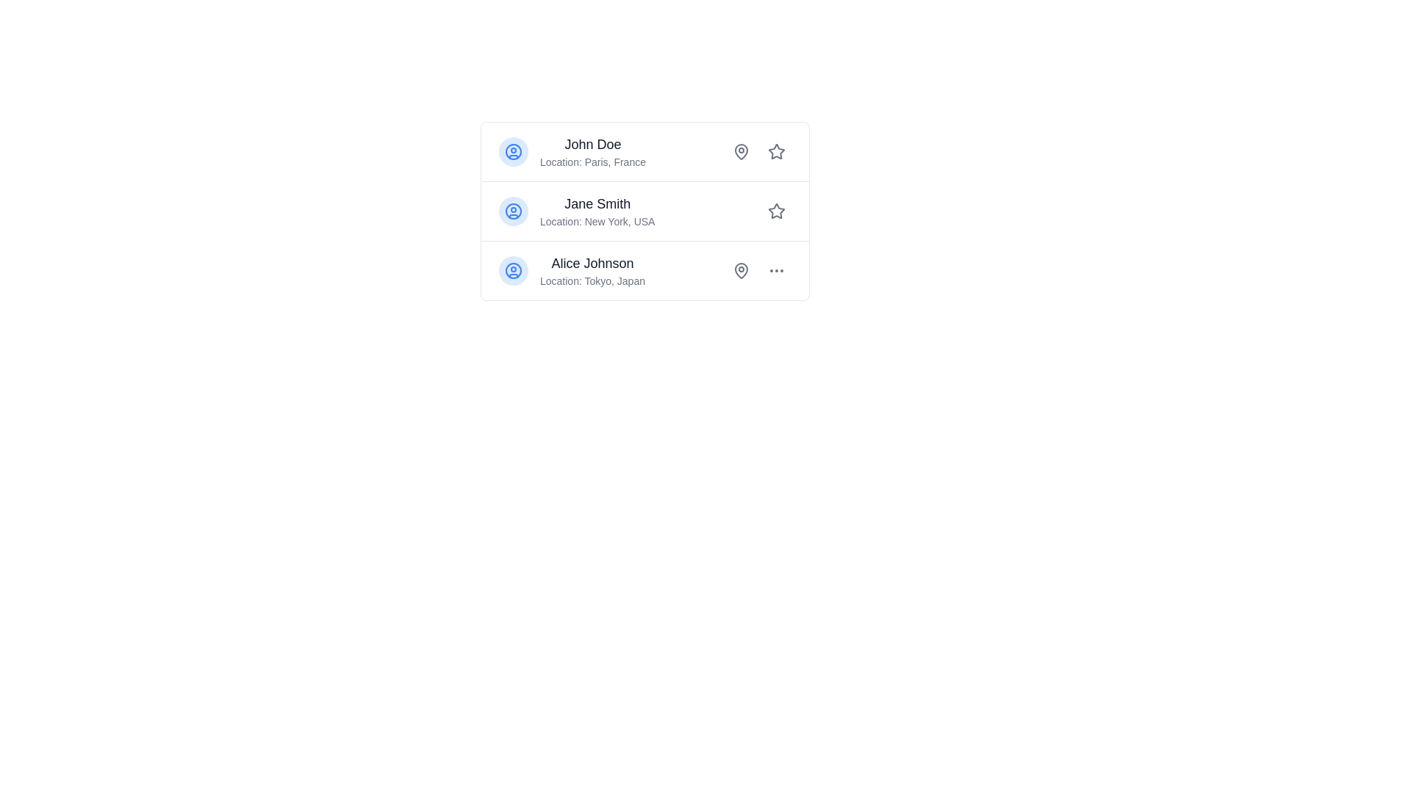  I want to click on the user profile entry at the top of the list, so click(571, 152).